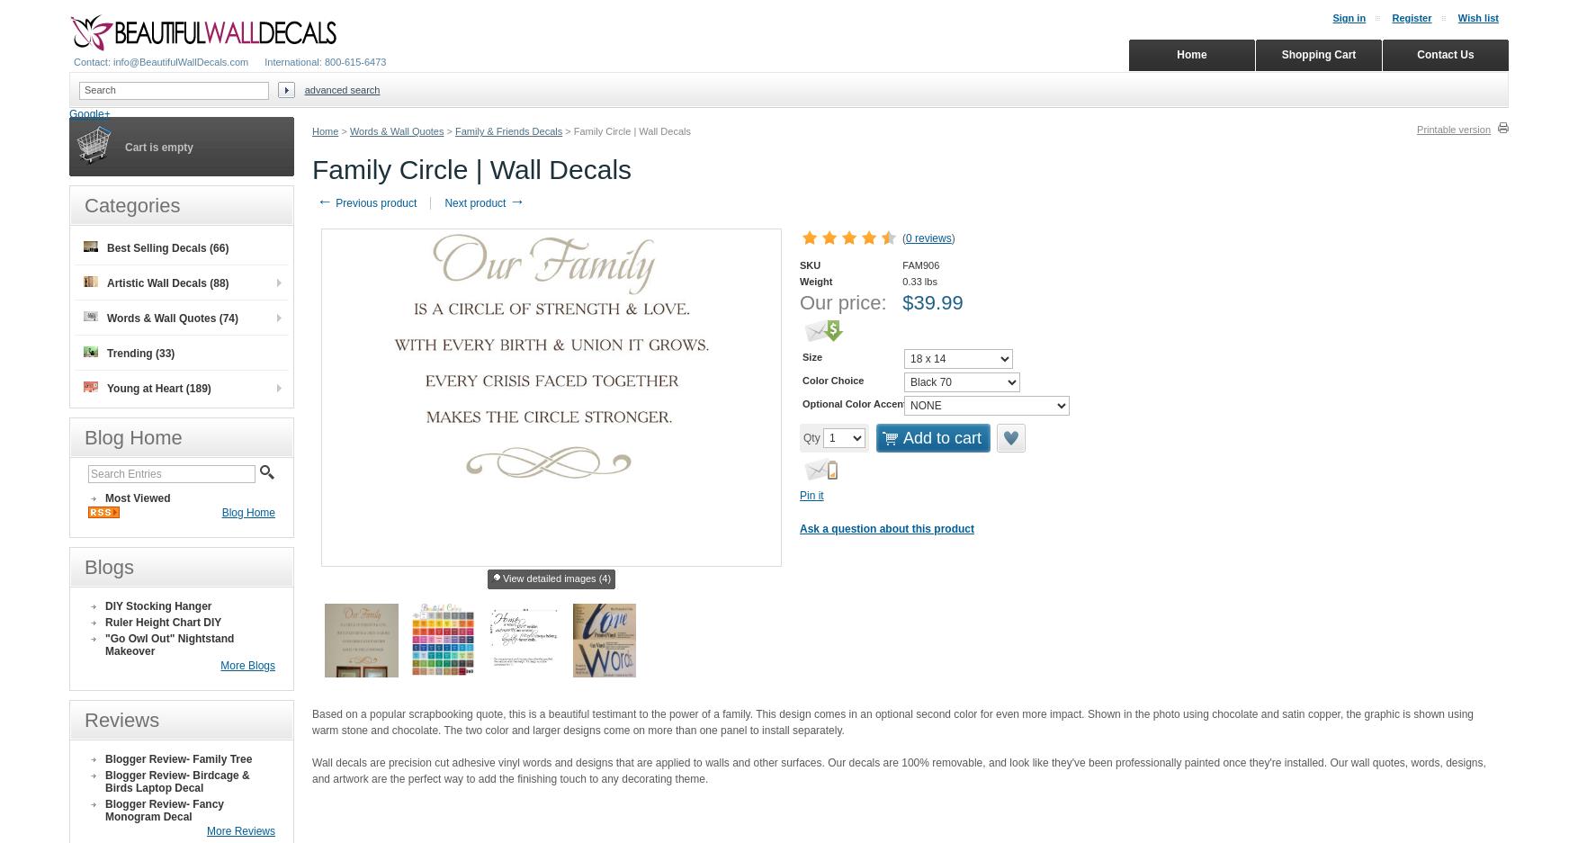 The width and height of the screenshot is (1578, 843). What do you see at coordinates (811, 495) in the screenshot?
I see `'Pin it'` at bounding box center [811, 495].